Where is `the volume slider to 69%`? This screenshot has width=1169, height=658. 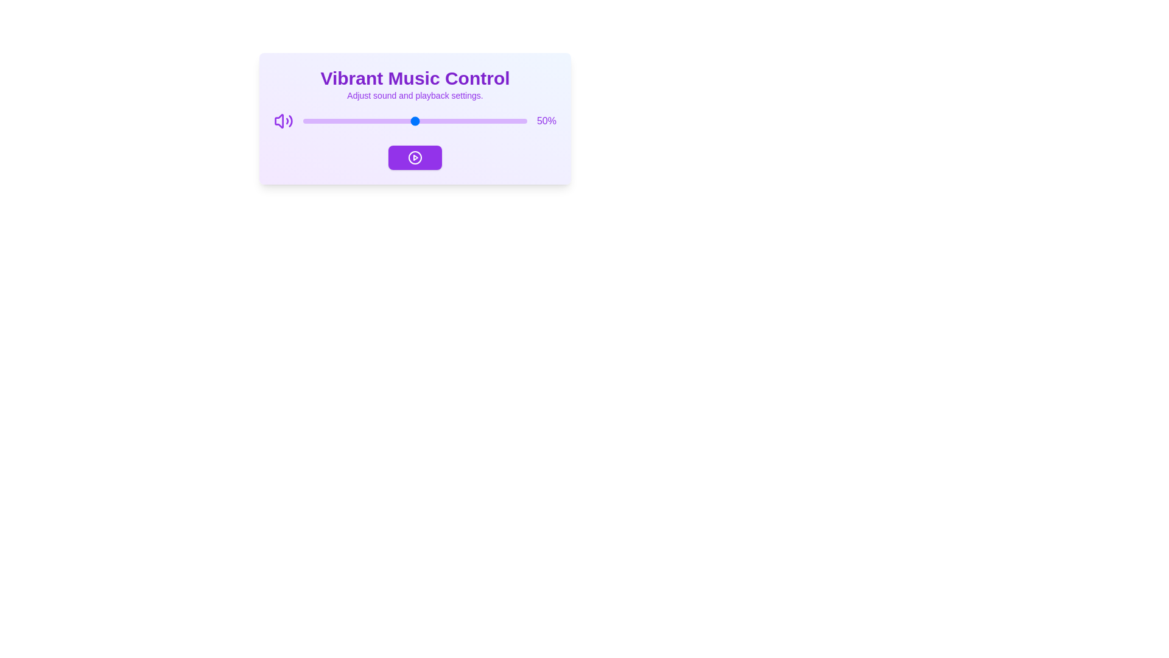 the volume slider to 69% is located at coordinates (457, 121).